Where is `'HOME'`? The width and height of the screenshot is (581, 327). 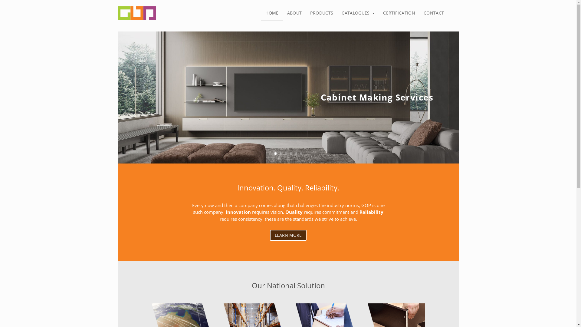
'HOME' is located at coordinates (271, 14).